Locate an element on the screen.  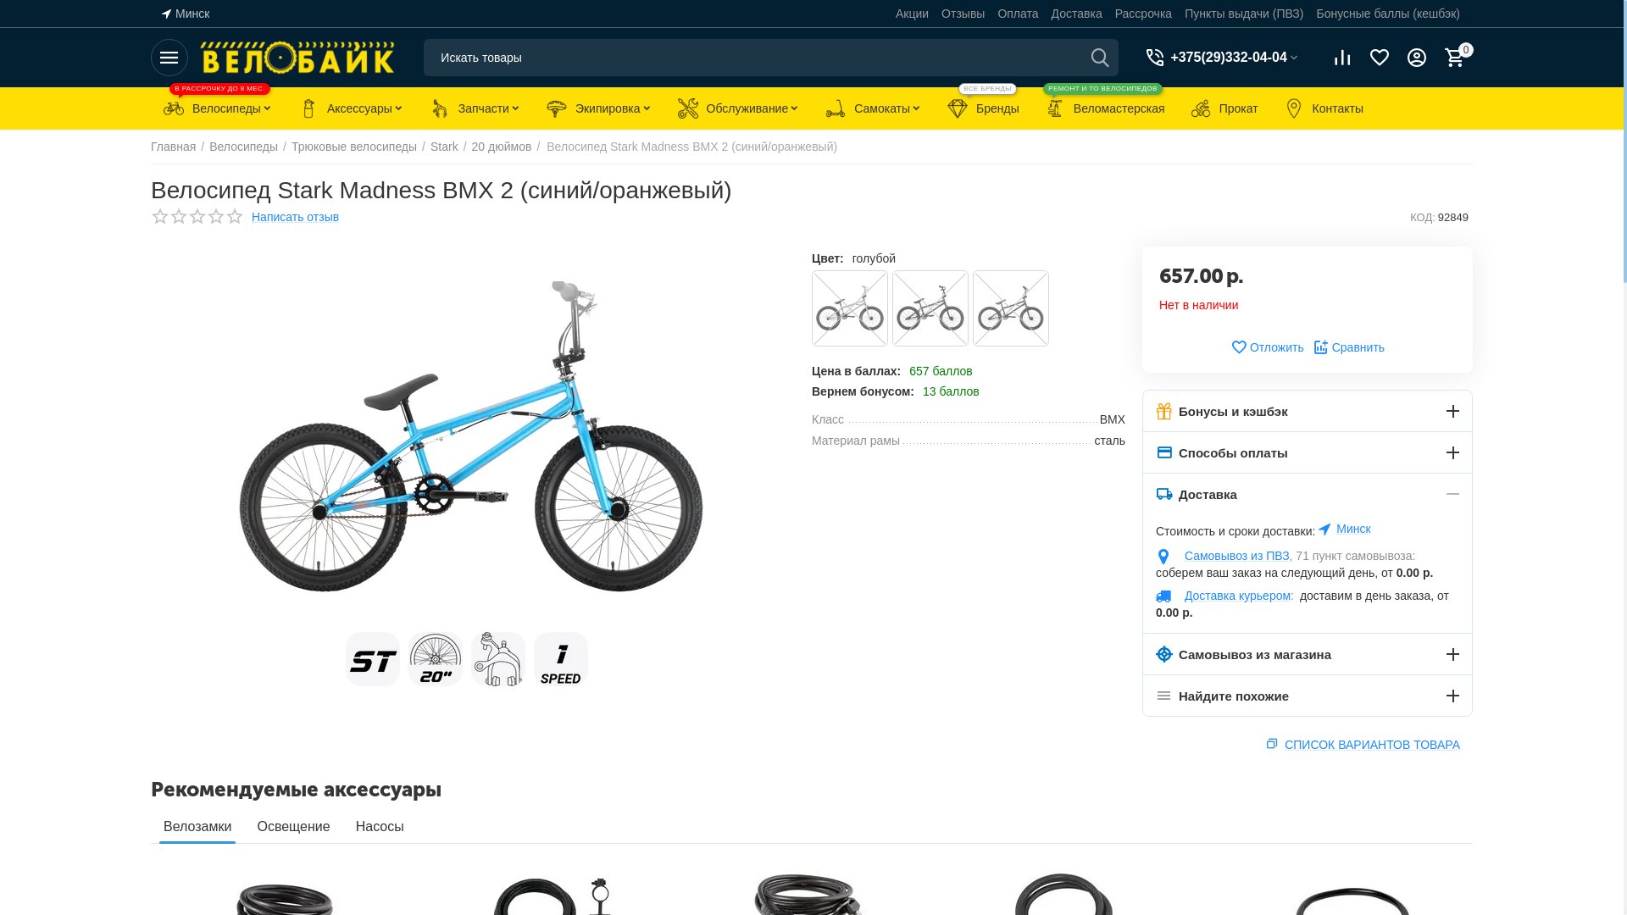
'0' is located at coordinates (1453, 57).